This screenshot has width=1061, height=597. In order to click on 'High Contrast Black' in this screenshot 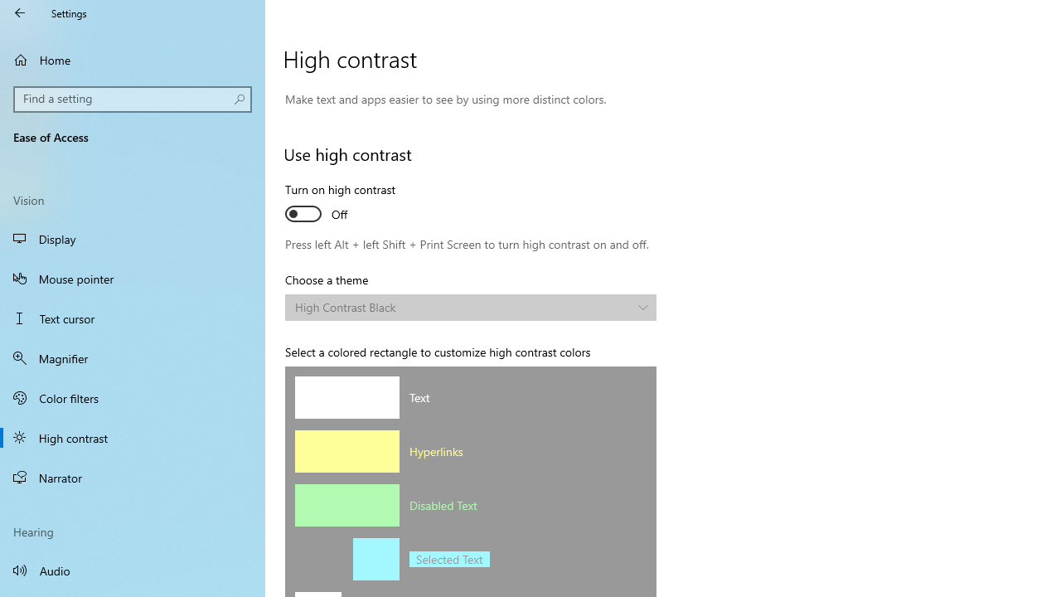, I will do `click(463, 307)`.